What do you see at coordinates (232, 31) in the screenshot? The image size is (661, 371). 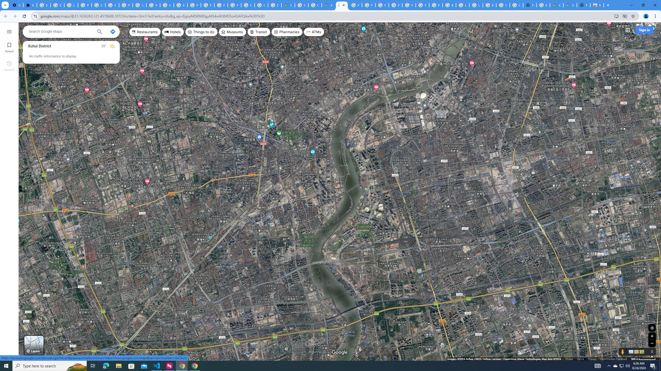 I see `'Museums'` at bounding box center [232, 31].